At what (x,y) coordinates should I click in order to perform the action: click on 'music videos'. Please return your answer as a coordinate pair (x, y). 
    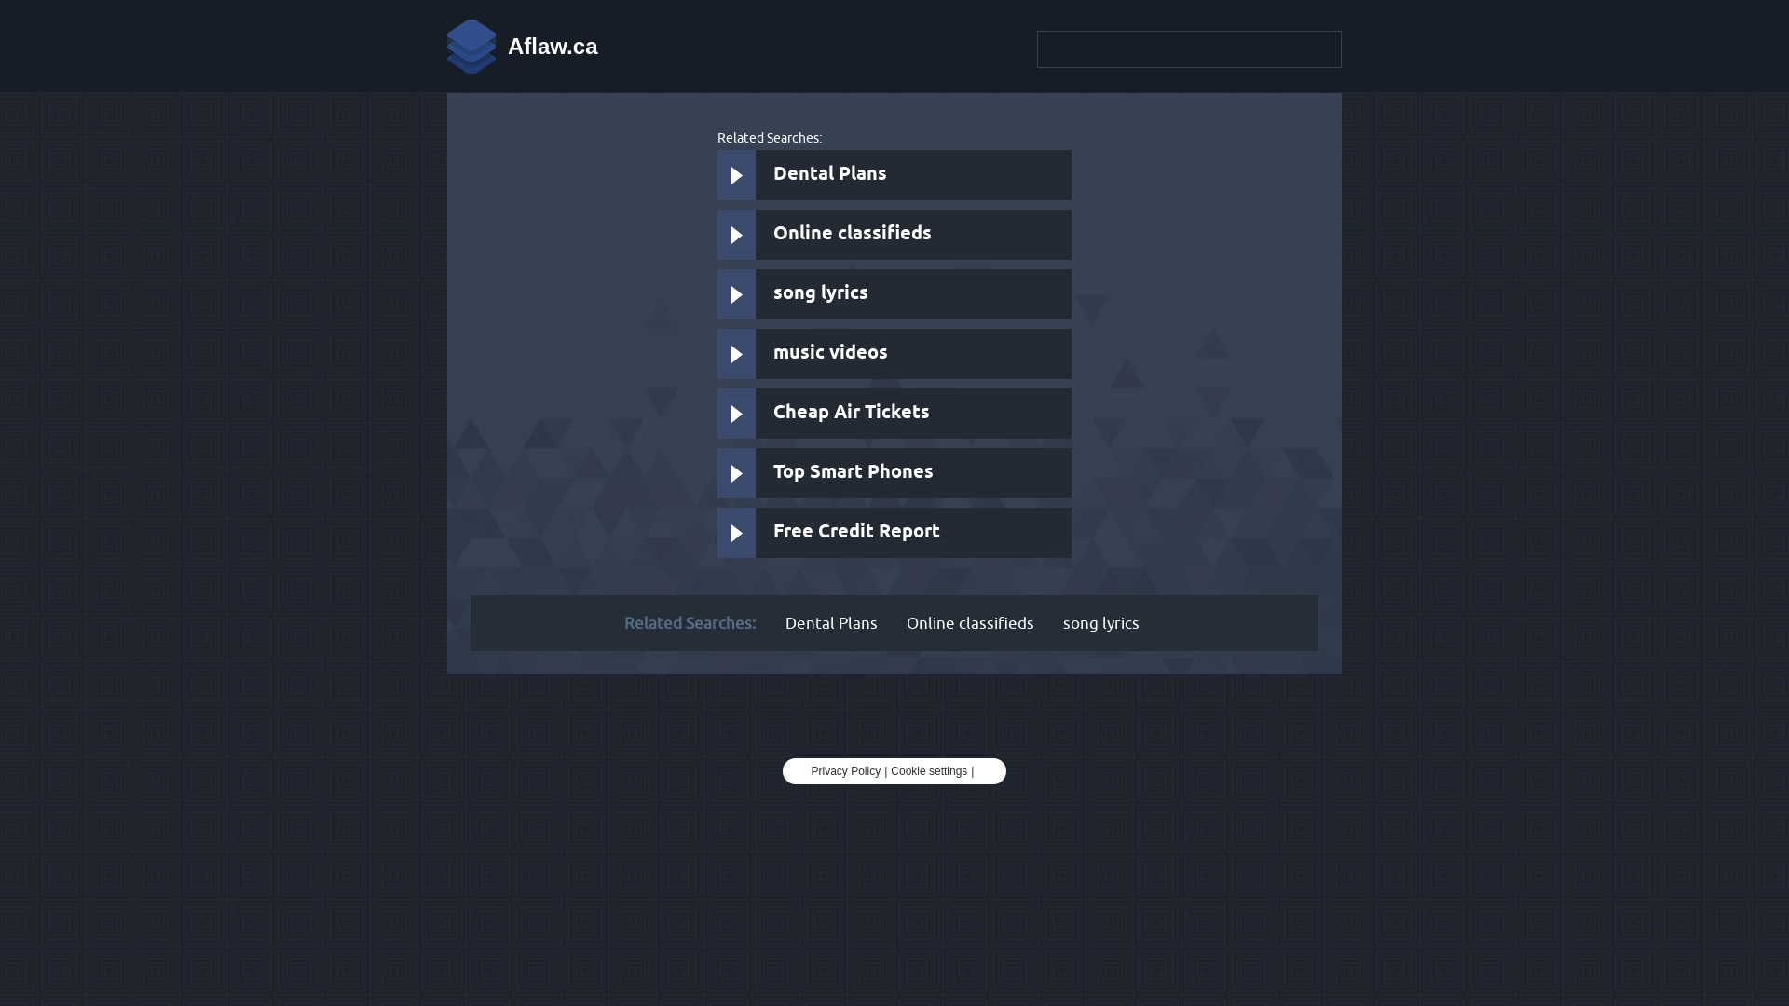
    Looking at the image, I should click on (894, 354).